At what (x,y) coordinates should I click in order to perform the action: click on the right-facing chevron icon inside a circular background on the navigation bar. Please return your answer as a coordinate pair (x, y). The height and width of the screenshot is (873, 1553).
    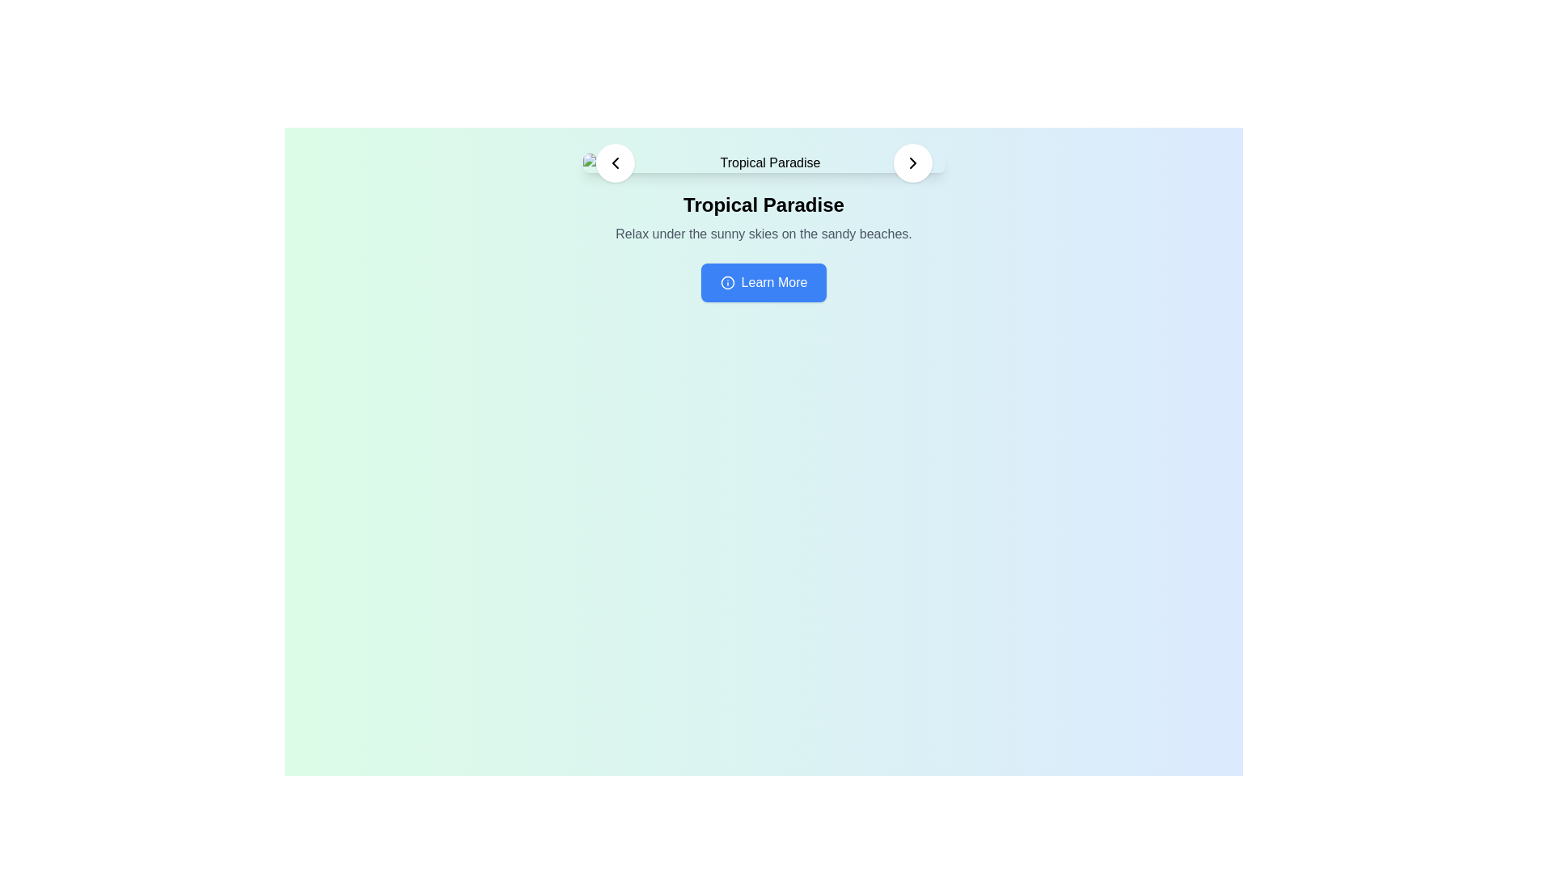
    Looking at the image, I should click on (912, 162).